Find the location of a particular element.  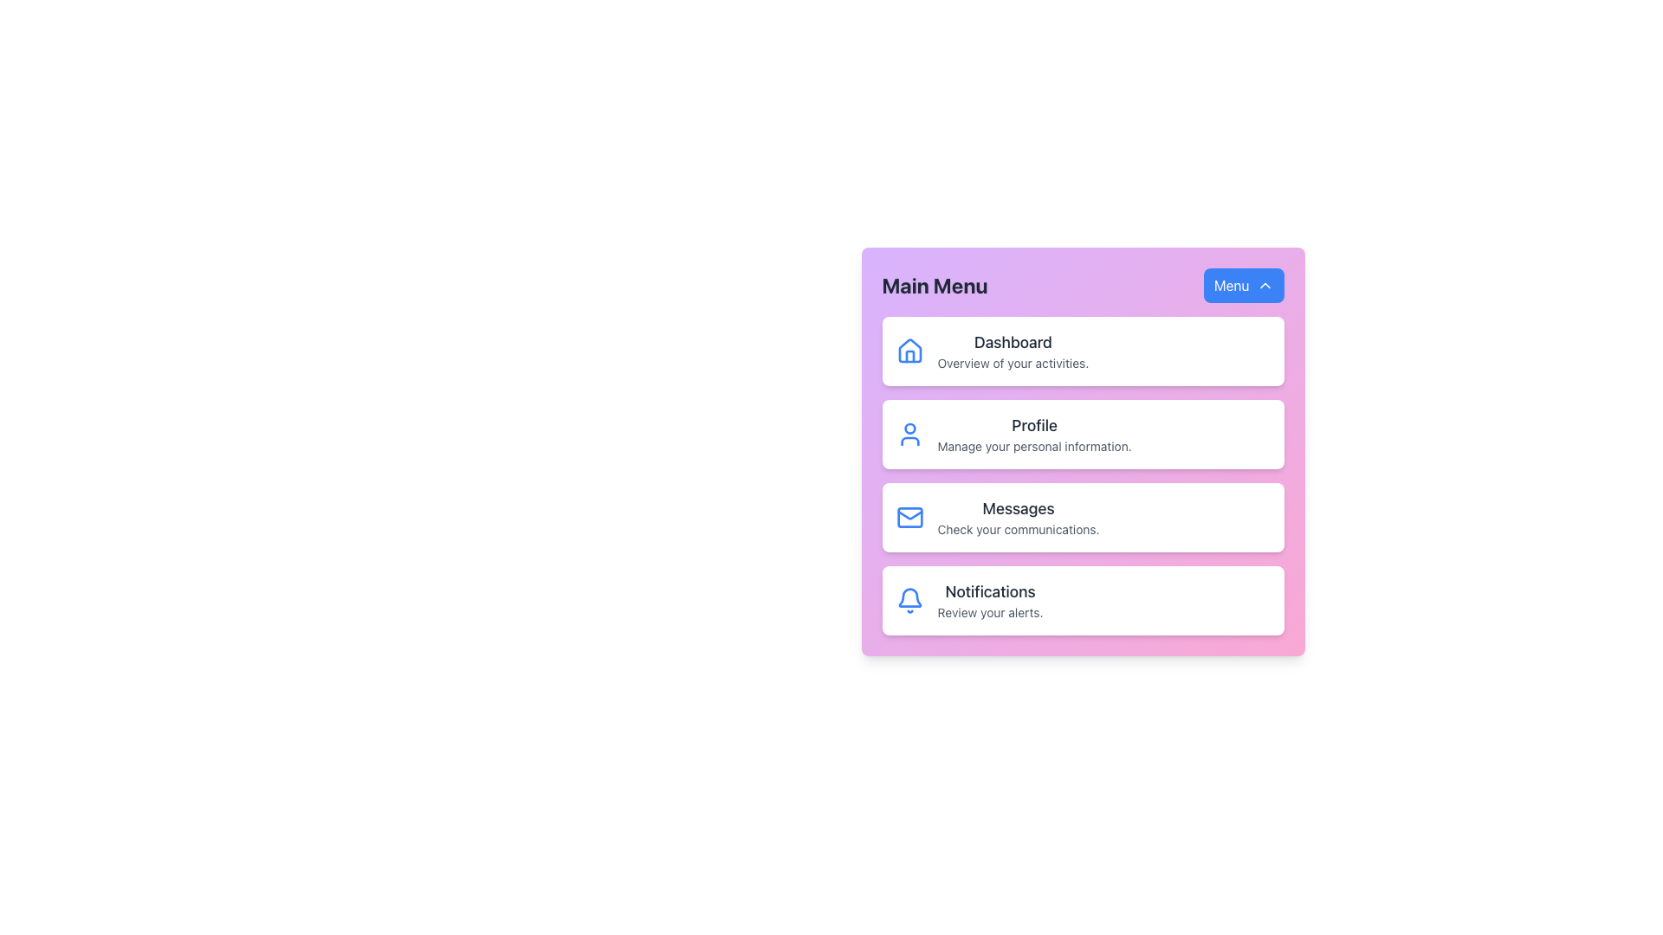

the second button in the navigation menu located below the 'Main Menu' heading is located at coordinates (1082, 456).